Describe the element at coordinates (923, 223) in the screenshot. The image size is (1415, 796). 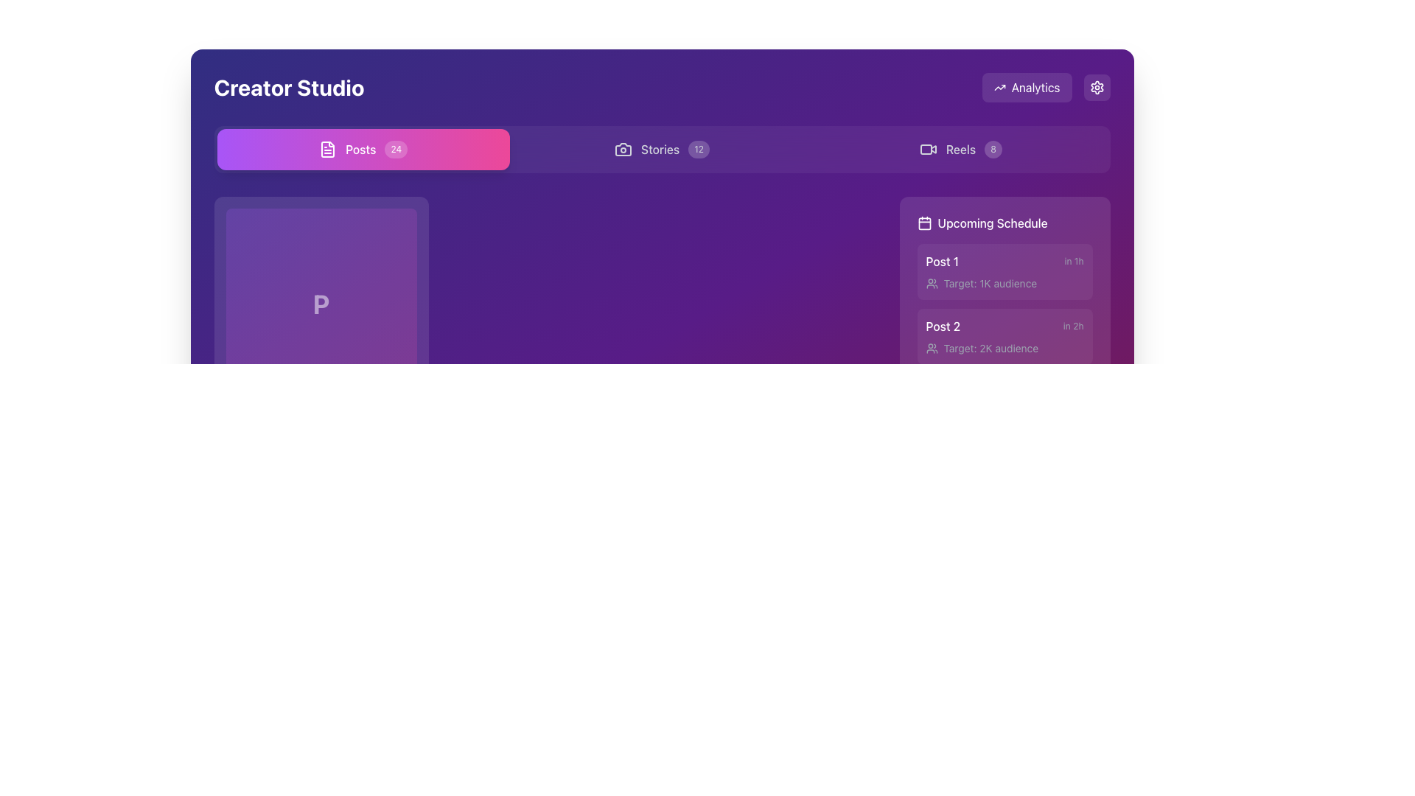
I see `the calendar icon located next to the 'Upcoming Schedule' section header, which is represented by an outlined calendar with a grid layout` at that location.